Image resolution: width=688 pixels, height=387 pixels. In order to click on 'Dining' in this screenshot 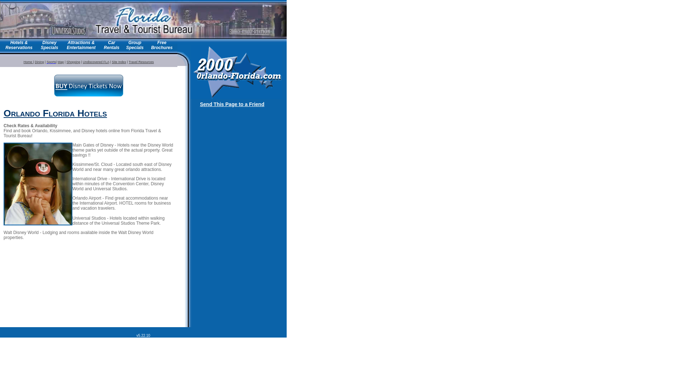, I will do `click(39, 62)`.